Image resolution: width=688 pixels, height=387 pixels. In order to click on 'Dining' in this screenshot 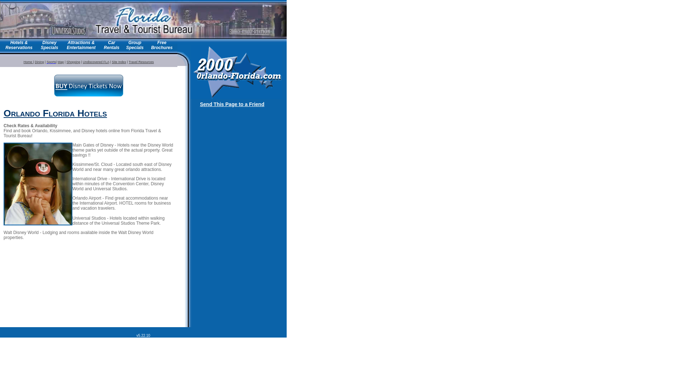, I will do `click(39, 62)`.